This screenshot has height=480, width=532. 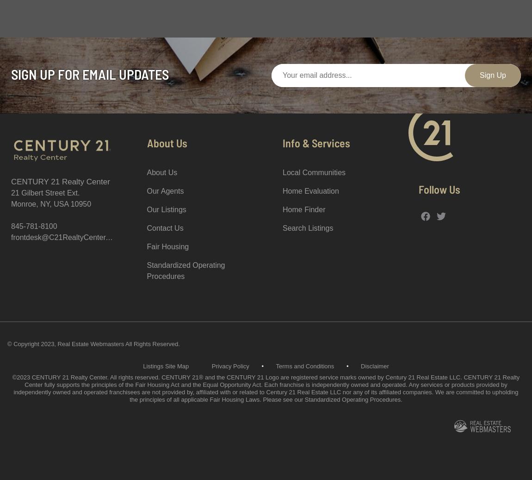 I want to click on 'CENTURY 21 Realty Center', so click(x=60, y=182).